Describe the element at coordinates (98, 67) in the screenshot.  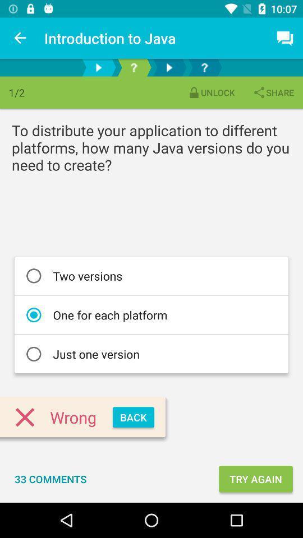
I see `go forward` at that location.